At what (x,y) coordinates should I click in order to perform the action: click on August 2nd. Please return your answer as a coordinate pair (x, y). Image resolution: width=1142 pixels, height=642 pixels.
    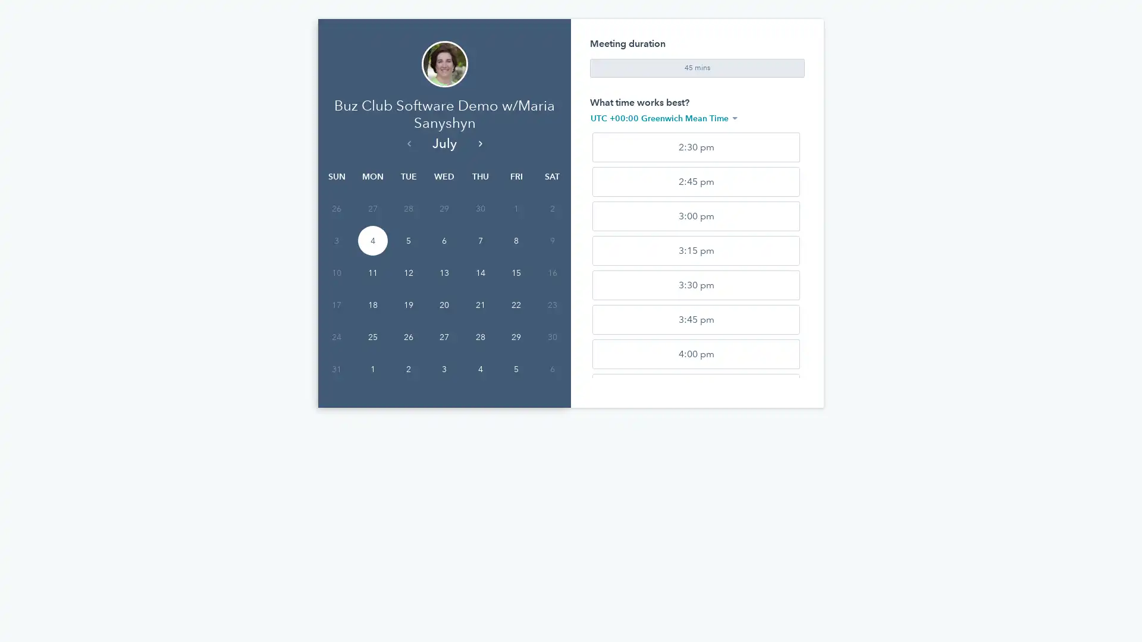
    Looking at the image, I should click on (408, 414).